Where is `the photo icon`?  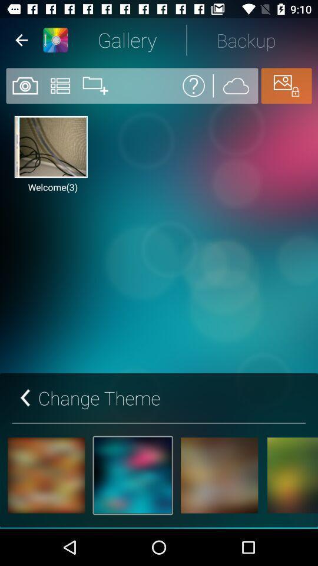 the photo icon is located at coordinates (24, 85).